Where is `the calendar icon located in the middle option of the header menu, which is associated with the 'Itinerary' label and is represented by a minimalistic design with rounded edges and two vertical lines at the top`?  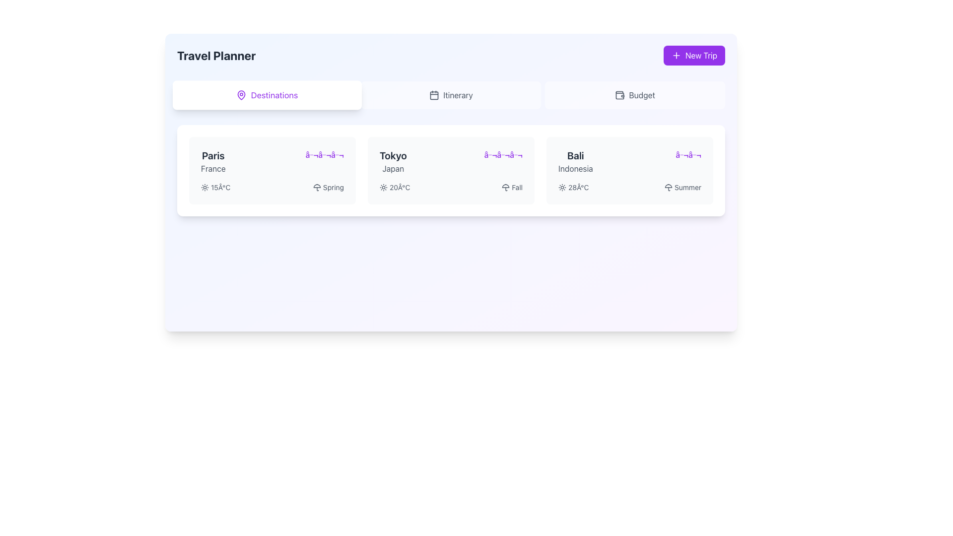
the calendar icon located in the middle option of the header menu, which is associated with the 'Itinerary' label and is represented by a minimalistic design with rounded edges and two vertical lines at the top is located at coordinates (434, 95).